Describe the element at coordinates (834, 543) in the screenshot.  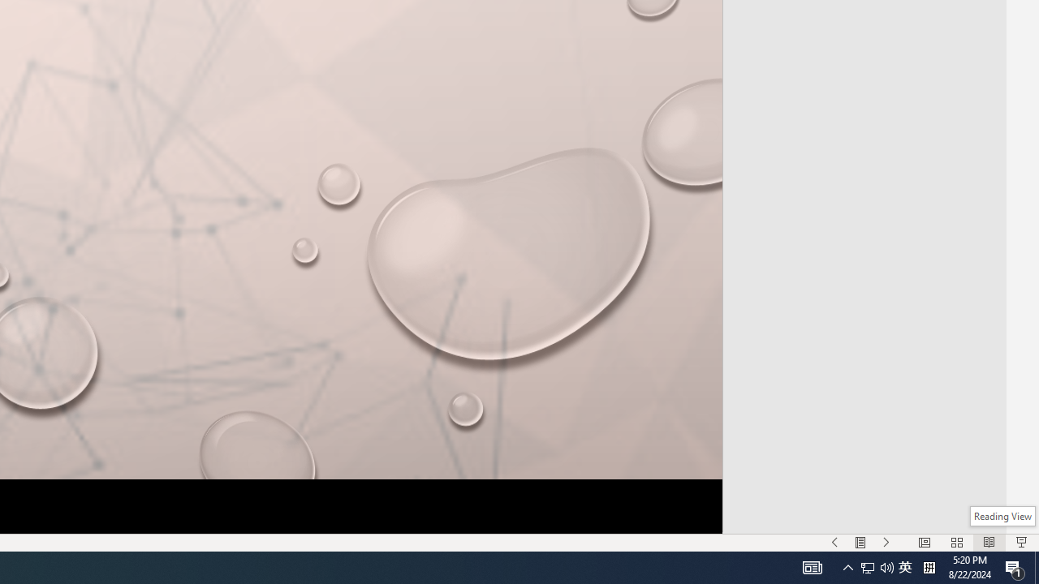
I see `'Slide Show Previous On'` at that location.